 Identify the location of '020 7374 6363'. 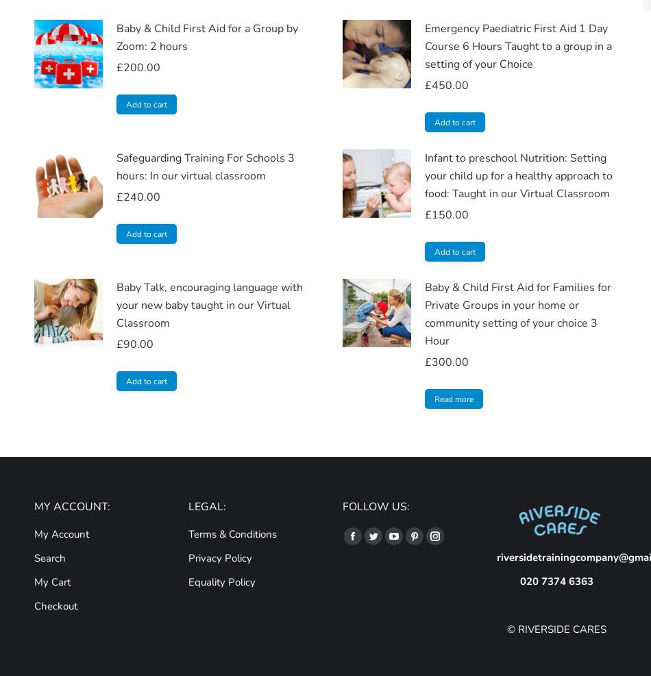
(556, 581).